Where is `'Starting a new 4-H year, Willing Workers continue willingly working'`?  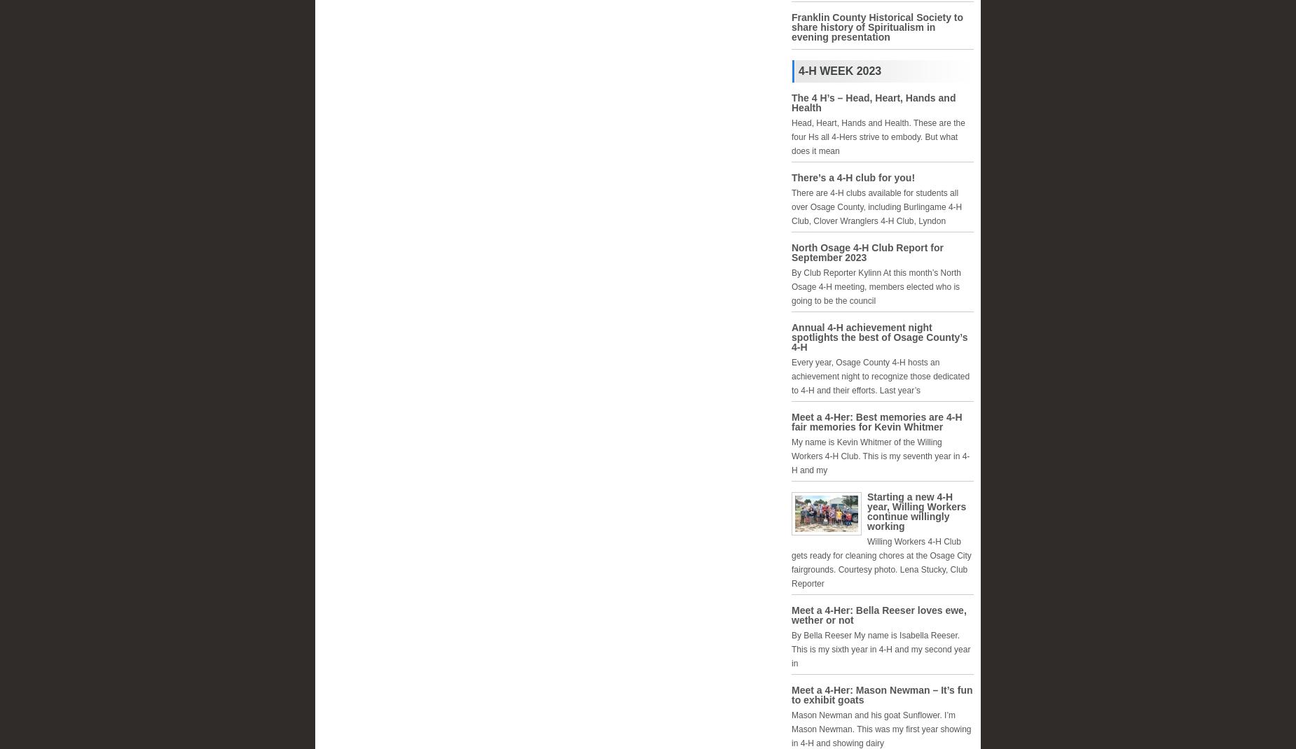 'Starting a new 4-H year, Willing Workers continue willingly working' is located at coordinates (867, 511).